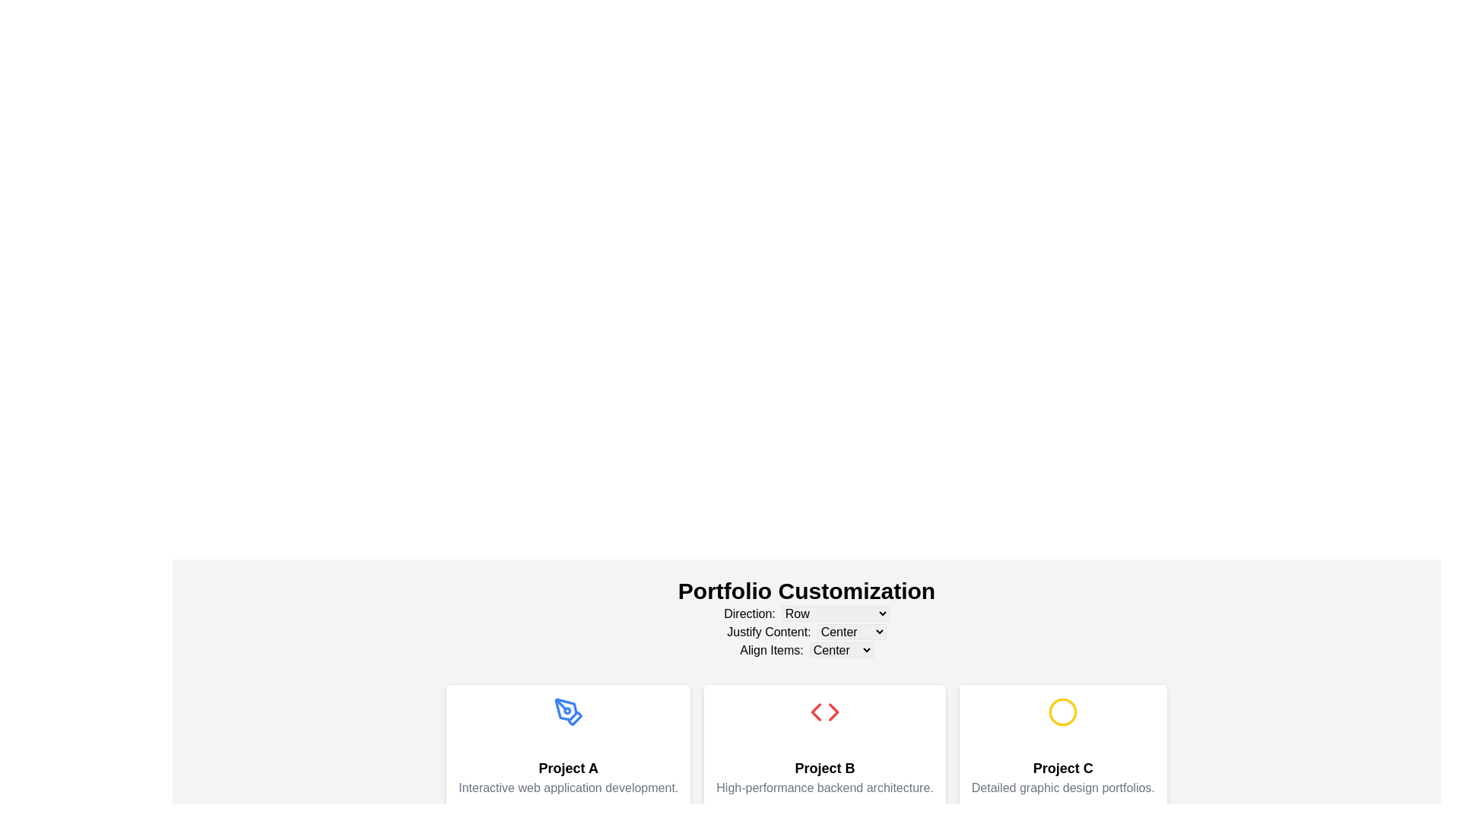  What do you see at coordinates (805, 632) in the screenshot?
I see `an option from the dropdown menu labeled for justification style, located beneath the 'Portfolio Customization' heading and above the 'Align Items: Center' row` at bounding box center [805, 632].